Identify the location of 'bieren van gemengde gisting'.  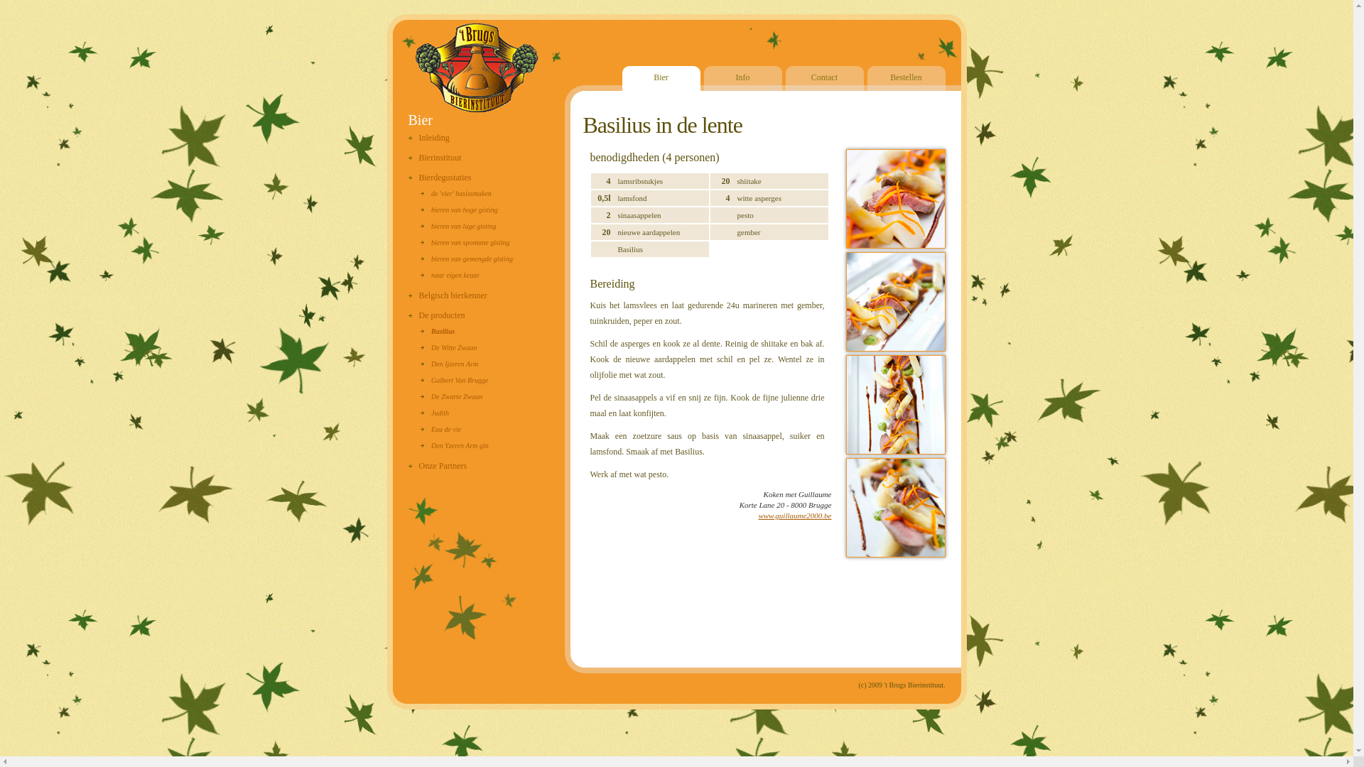
(467, 259).